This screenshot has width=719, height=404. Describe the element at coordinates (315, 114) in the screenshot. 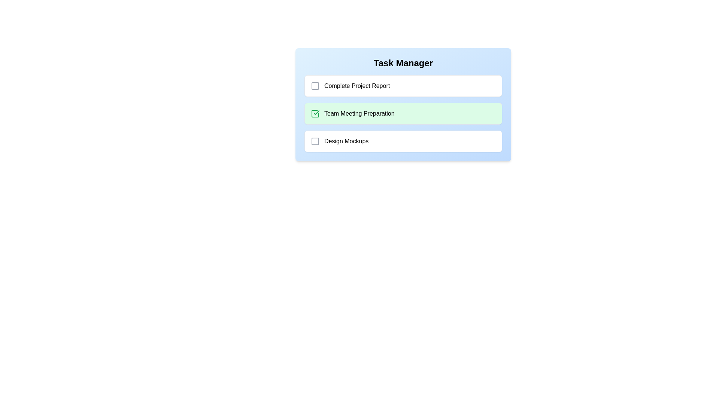

I see `the checked checkbox indicating that the task 'Team Meeting Preparation' is selected or completed` at that location.